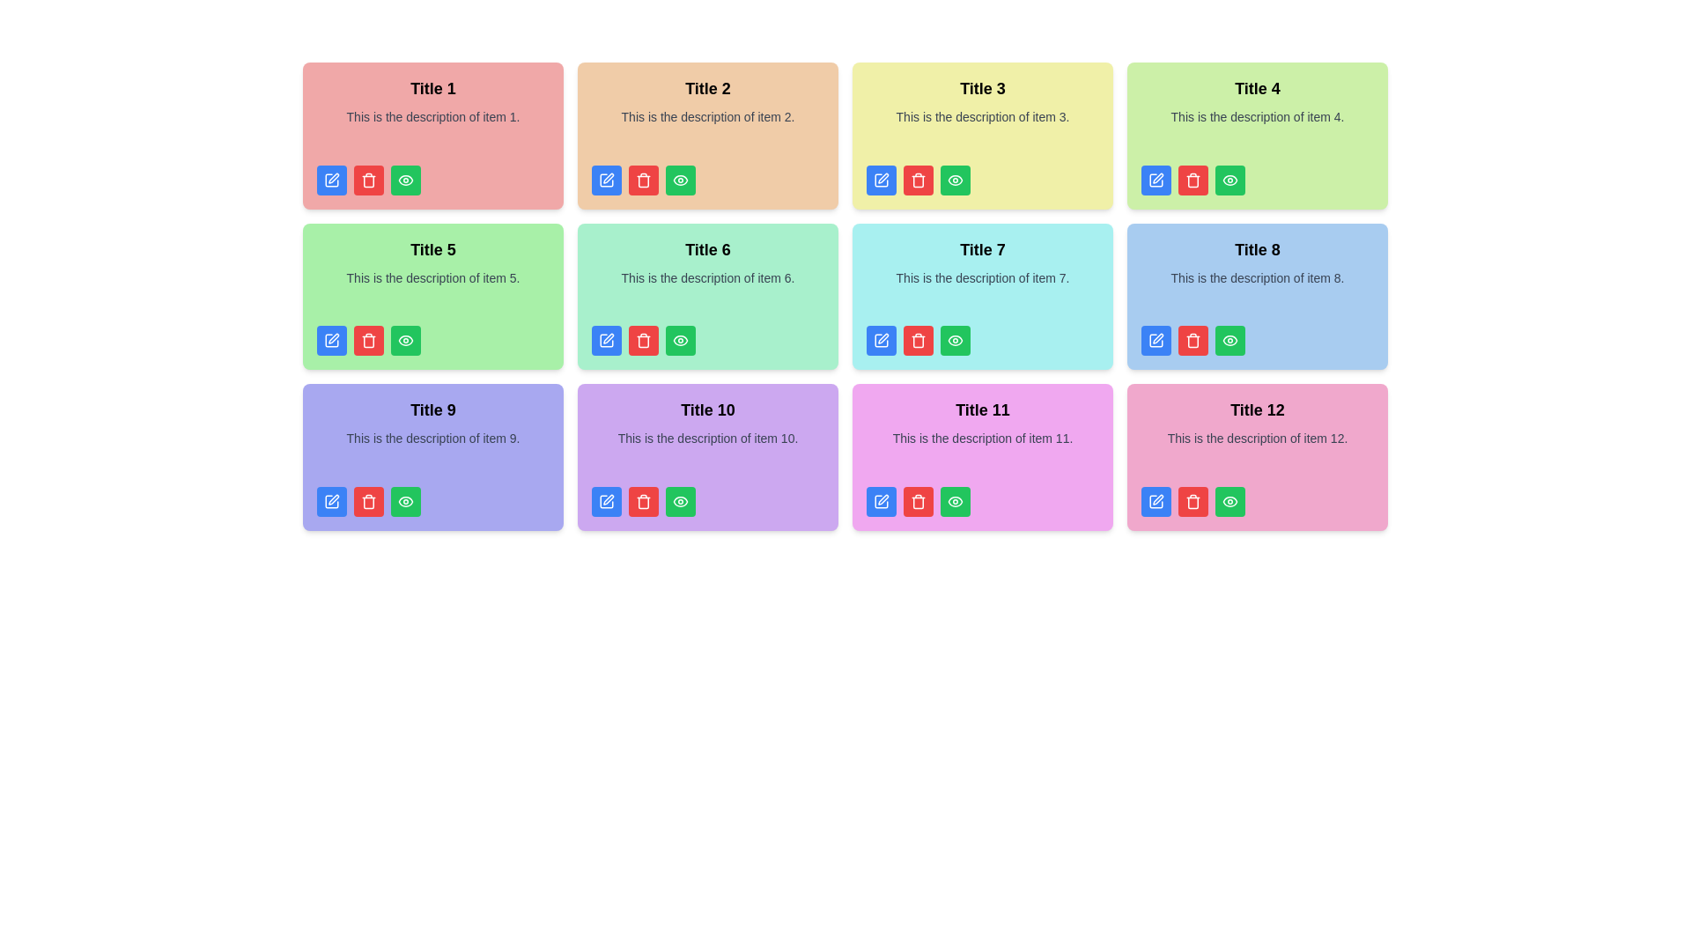  What do you see at coordinates (1193, 342) in the screenshot?
I see `the trash bin icon component, which is a curved rectangle with a vertical extension at its top, located centrally within the trash icon structure` at bounding box center [1193, 342].